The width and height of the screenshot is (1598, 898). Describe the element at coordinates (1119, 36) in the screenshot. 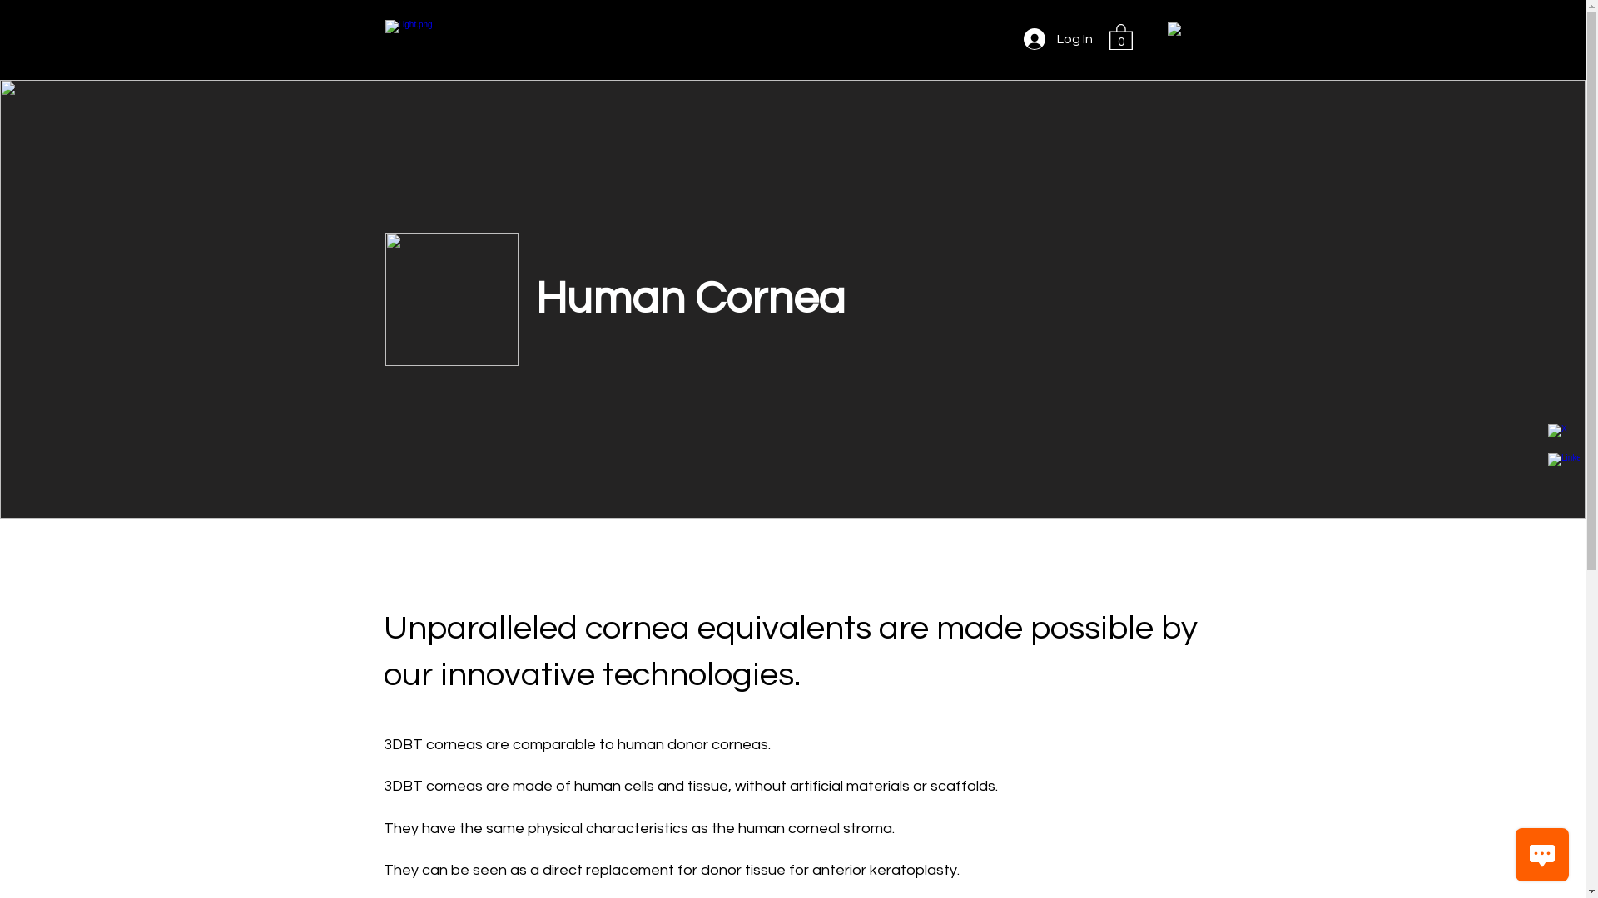

I see `'0'` at that location.